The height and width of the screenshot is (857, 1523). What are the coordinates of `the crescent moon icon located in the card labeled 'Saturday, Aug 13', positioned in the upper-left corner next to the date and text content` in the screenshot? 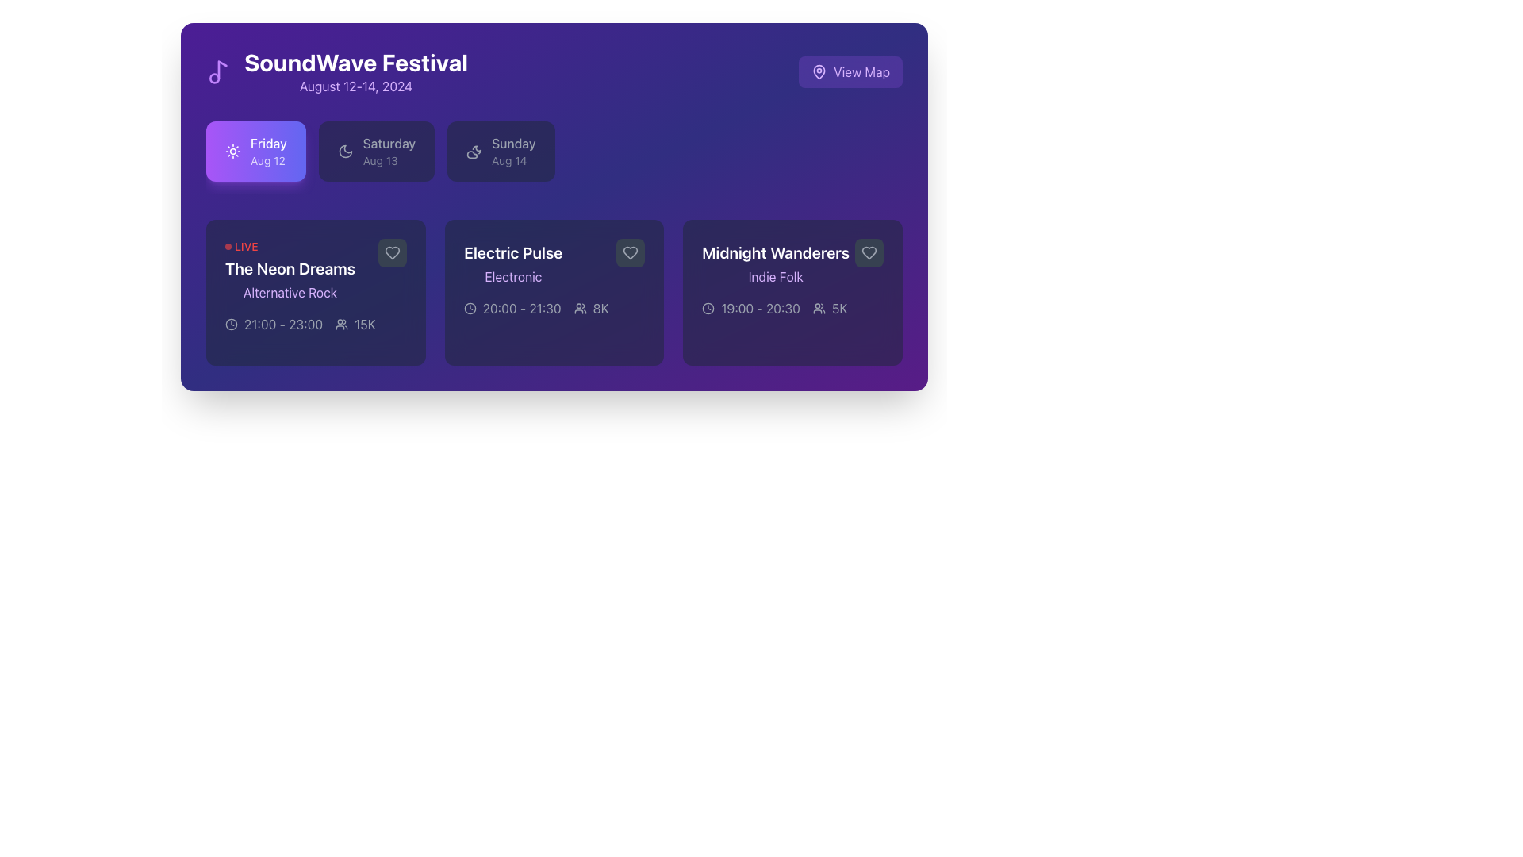 It's located at (344, 152).